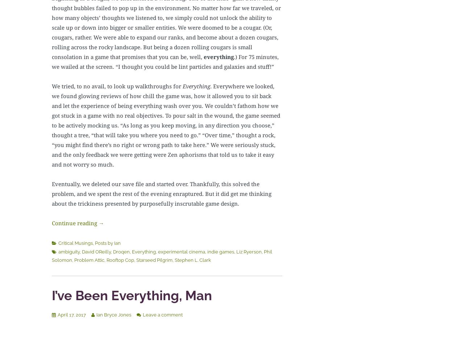 This screenshot has height=344, width=464. Describe the element at coordinates (236, 251) in the screenshot. I see `'Liz Ryerson'` at that location.